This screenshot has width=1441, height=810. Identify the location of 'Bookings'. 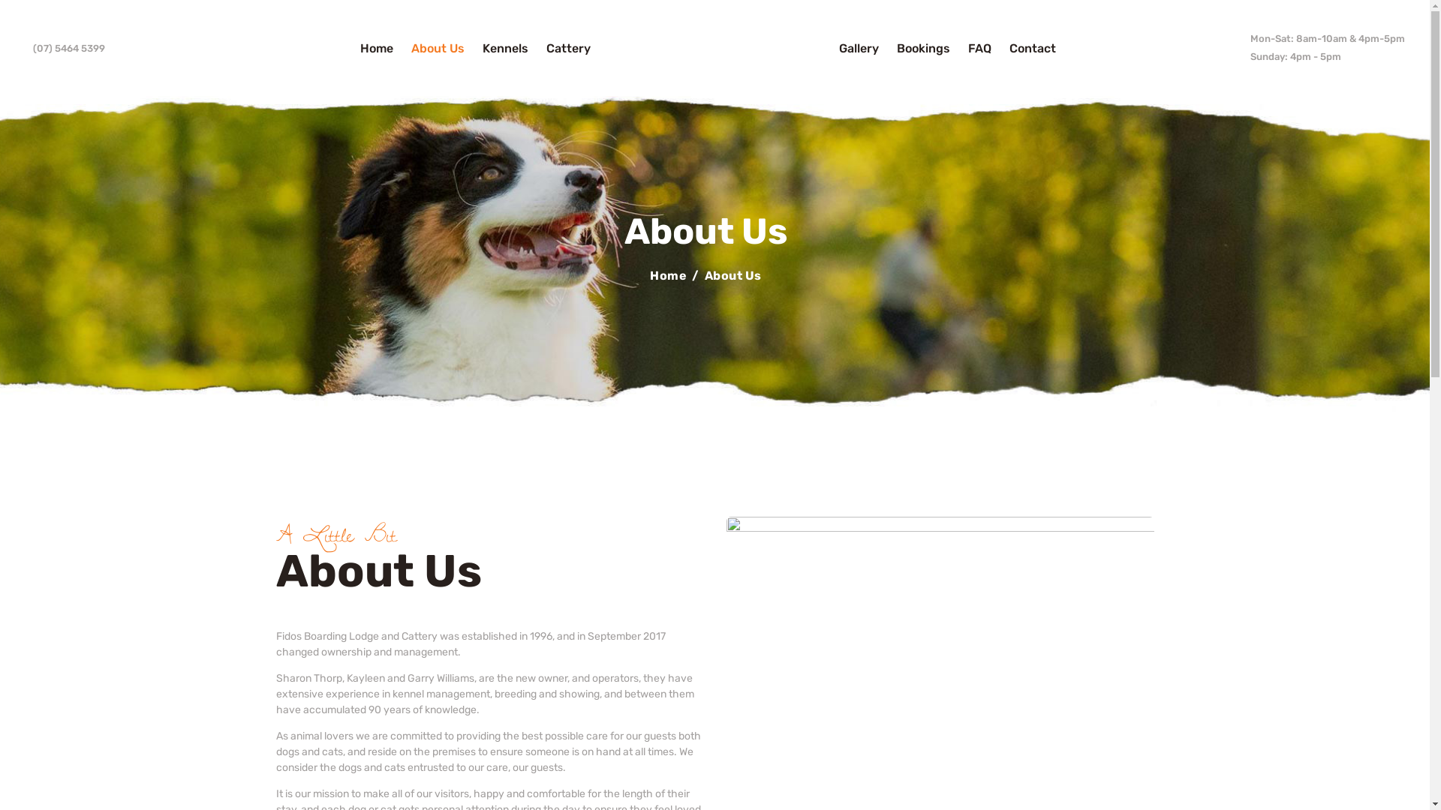
(887, 47).